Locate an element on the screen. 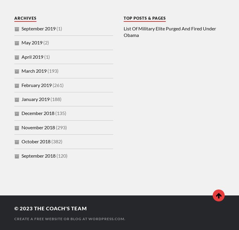  'List Of Military Elite Purged And Fired Under Obama' is located at coordinates (169, 31).